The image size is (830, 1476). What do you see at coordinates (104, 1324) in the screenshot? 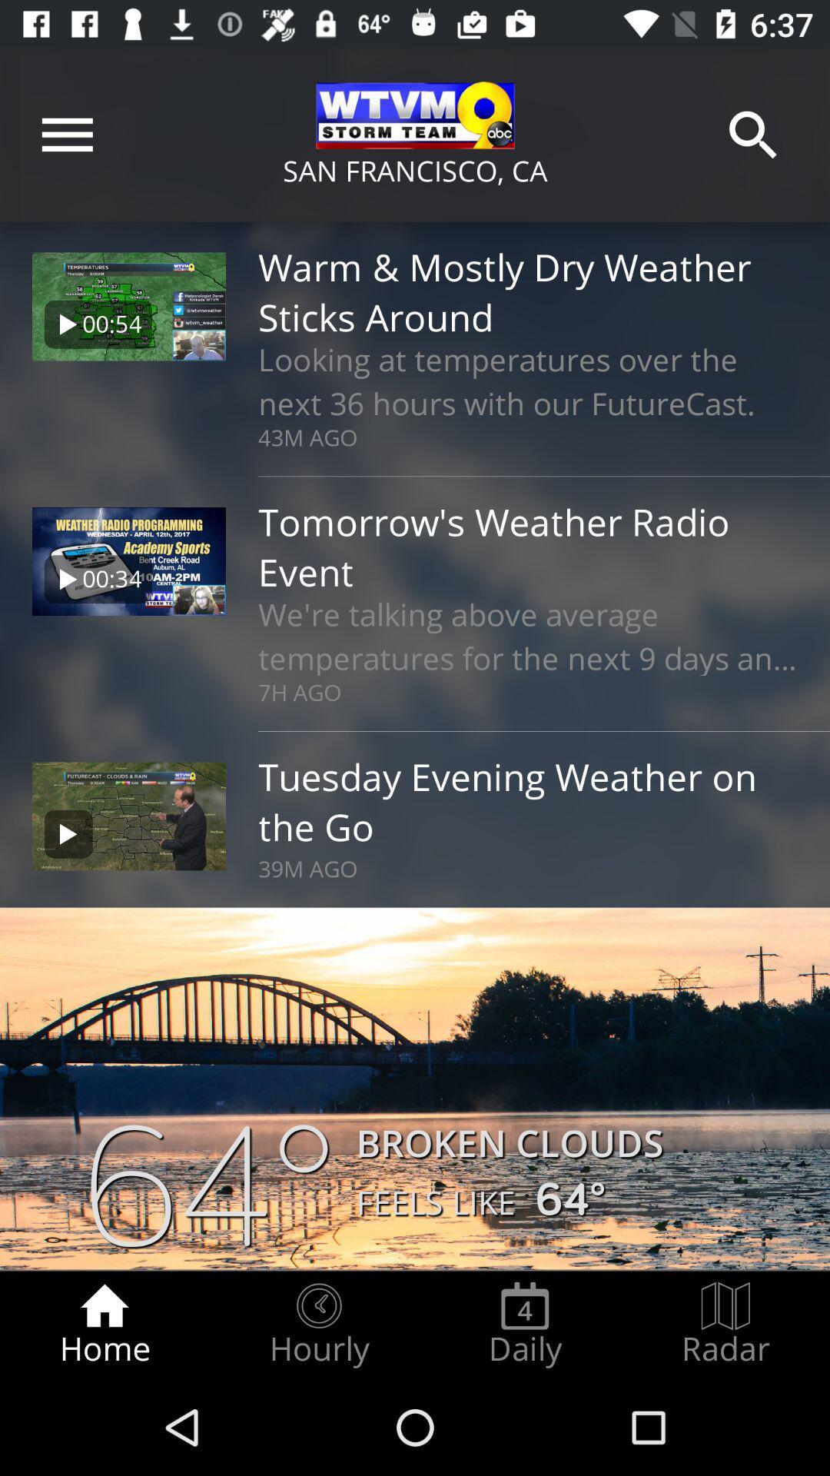
I see `the item next to the hourly item` at bounding box center [104, 1324].